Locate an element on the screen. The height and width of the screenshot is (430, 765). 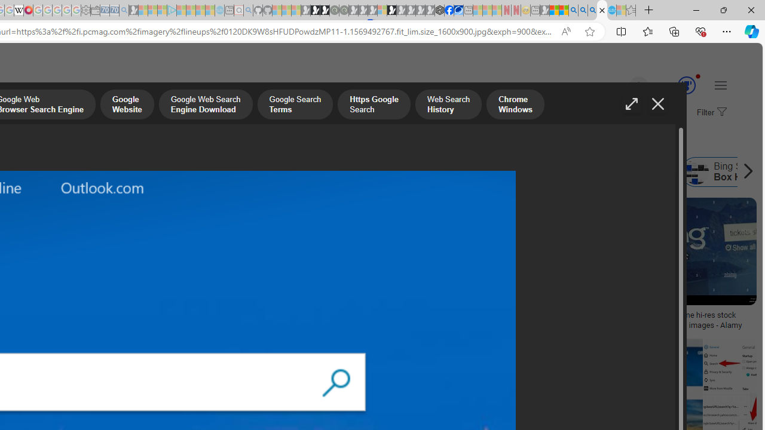
'Services - Maintenance | Sky Blue Bikes - Sky Blue Bikes' is located at coordinates (611, 10).